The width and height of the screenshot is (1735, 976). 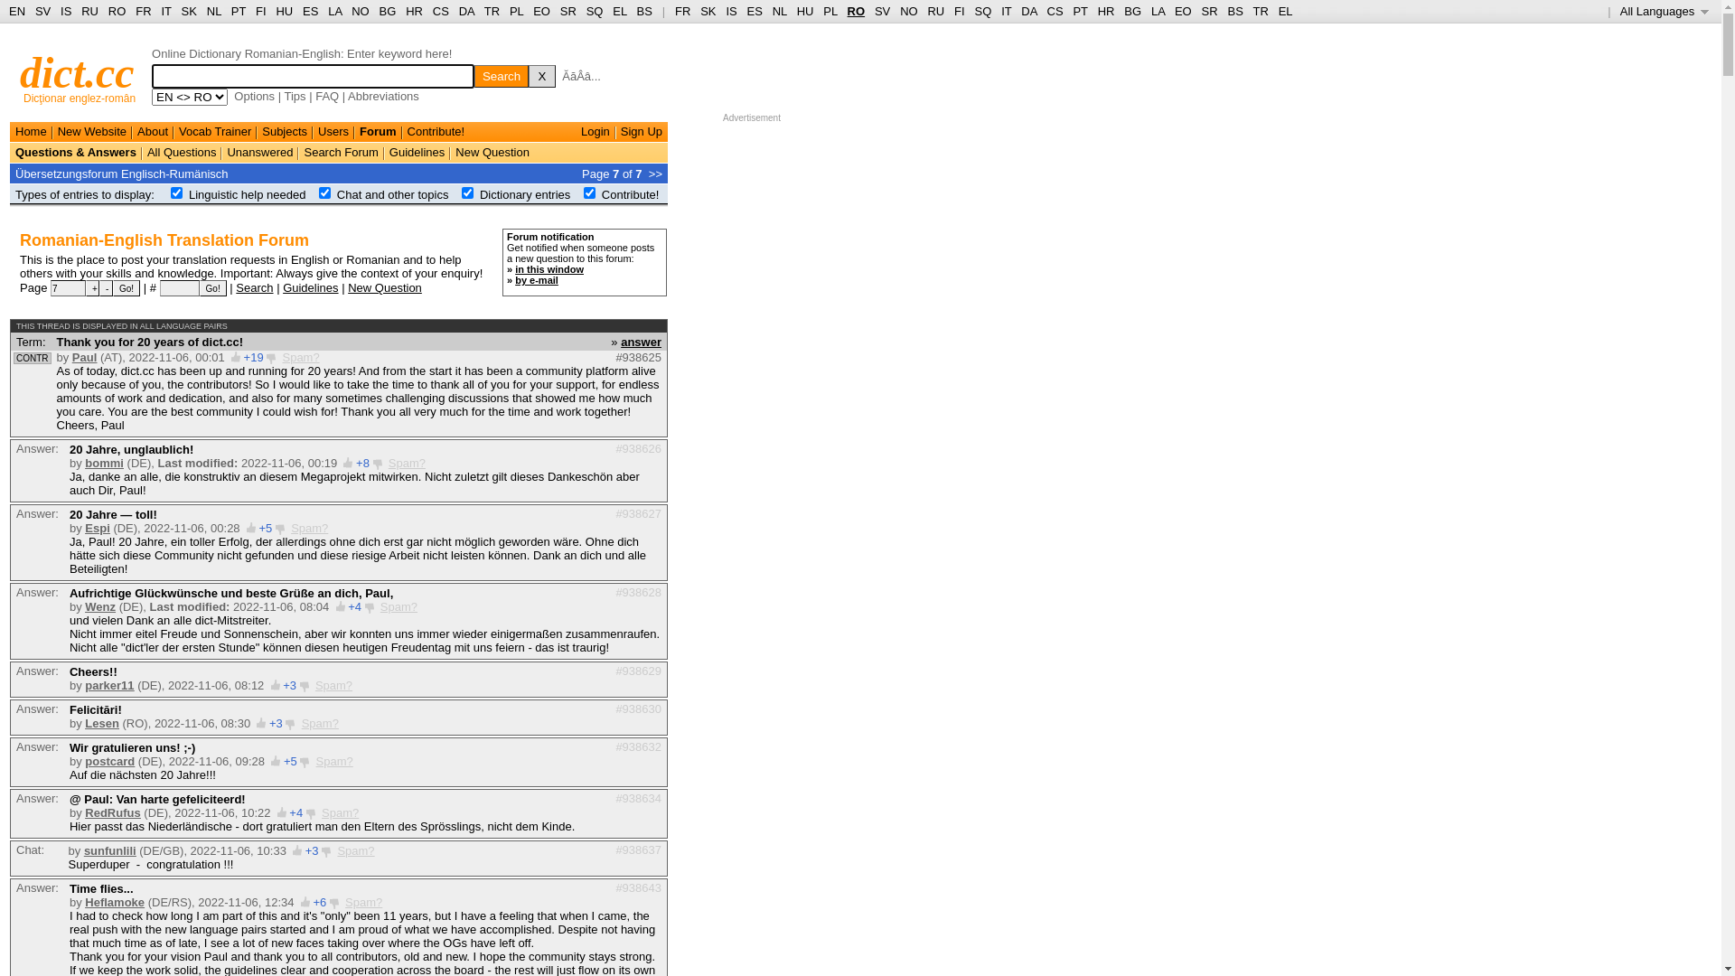 What do you see at coordinates (780, 11) in the screenshot?
I see `'NL'` at bounding box center [780, 11].